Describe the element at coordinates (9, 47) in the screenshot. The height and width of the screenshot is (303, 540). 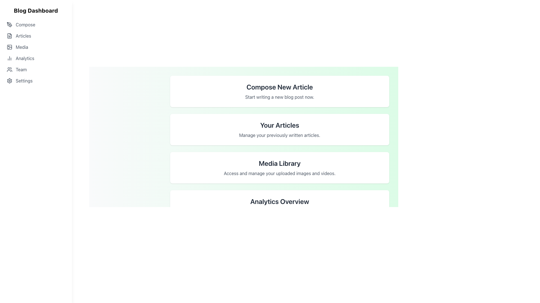
I see `the graphical subcomponent representing an 'image' concept in the navigation menu, located within the 'Media' list item group` at that location.